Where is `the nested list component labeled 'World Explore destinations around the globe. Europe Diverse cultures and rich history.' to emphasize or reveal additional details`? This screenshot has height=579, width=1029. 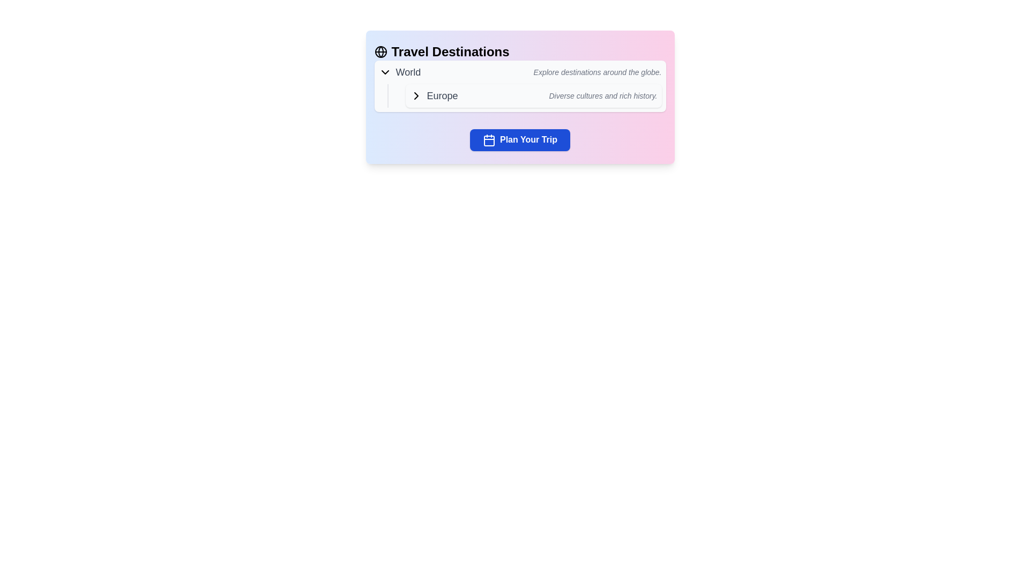 the nested list component labeled 'World Explore destinations around the globe. Europe Diverse cultures and rich history.' to emphasize or reveal additional details is located at coordinates (520, 86).